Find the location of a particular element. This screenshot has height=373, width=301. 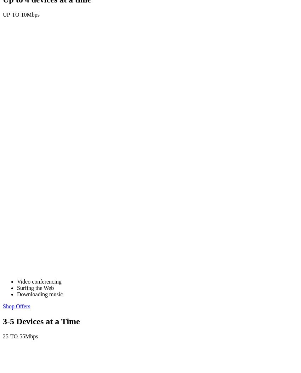

'25' is located at coordinates (5, 336).